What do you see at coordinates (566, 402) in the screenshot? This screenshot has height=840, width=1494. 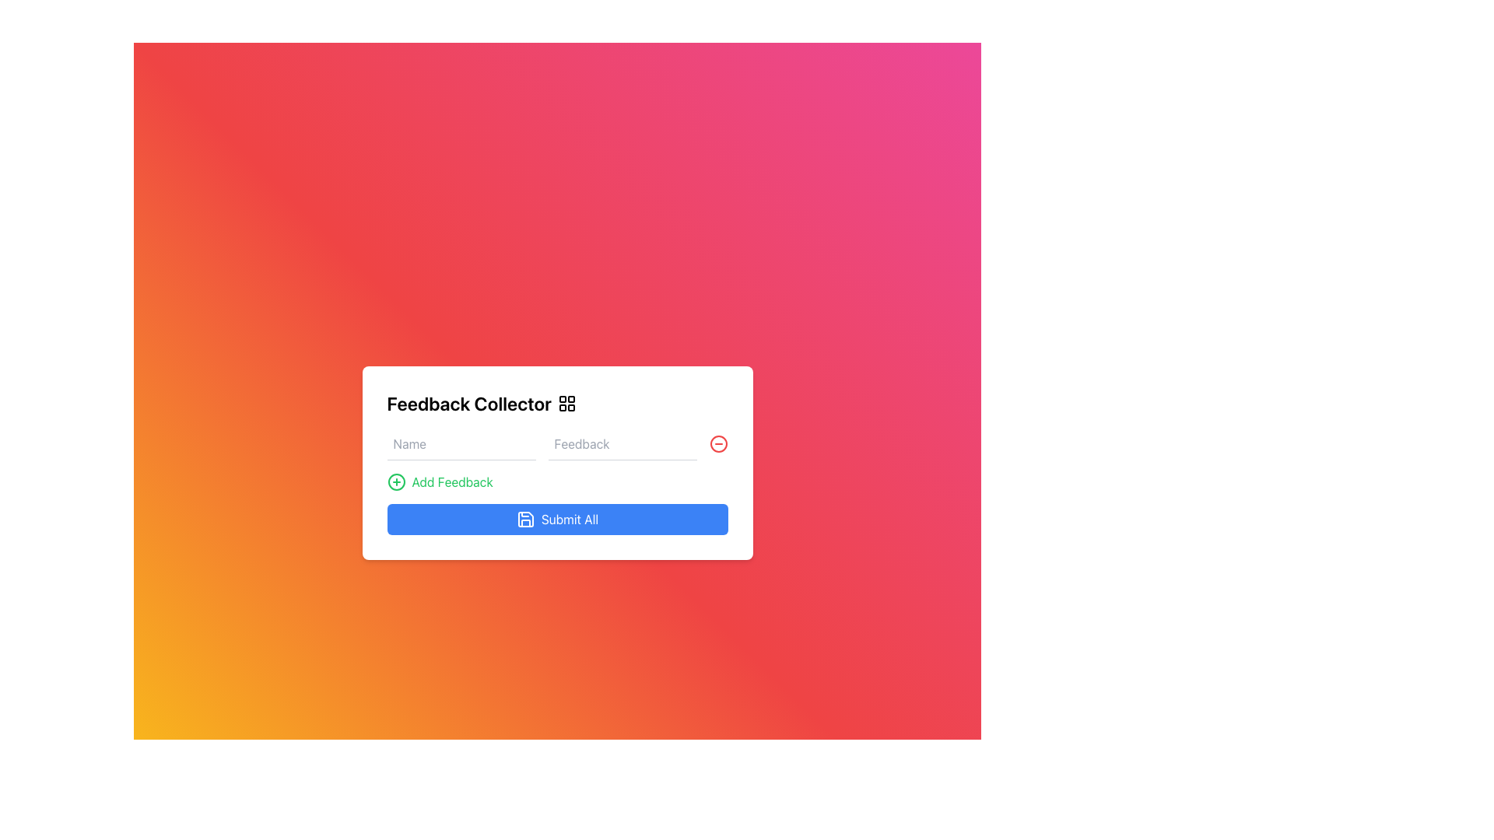 I see `the grid/menu icon located` at bounding box center [566, 402].